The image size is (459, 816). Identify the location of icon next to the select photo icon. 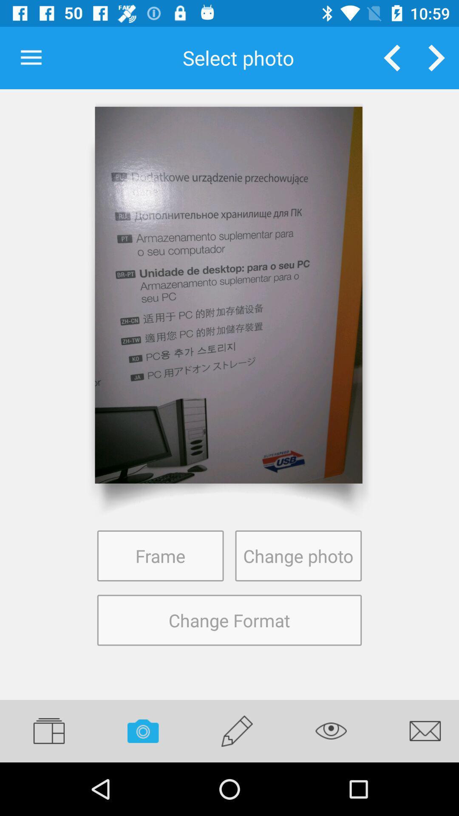
(31, 57).